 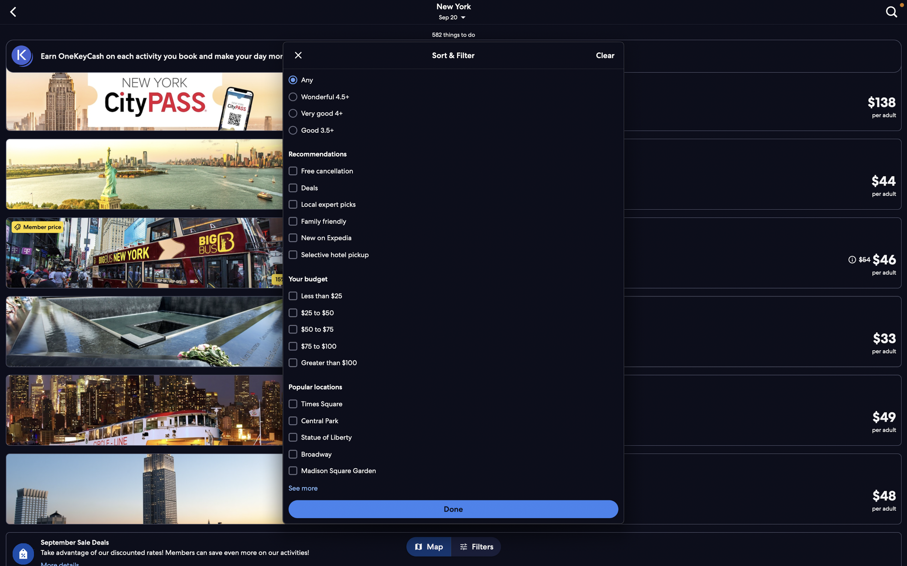 What do you see at coordinates (452, 113) in the screenshot?
I see `Extract locations with a rating over 4` at bounding box center [452, 113].